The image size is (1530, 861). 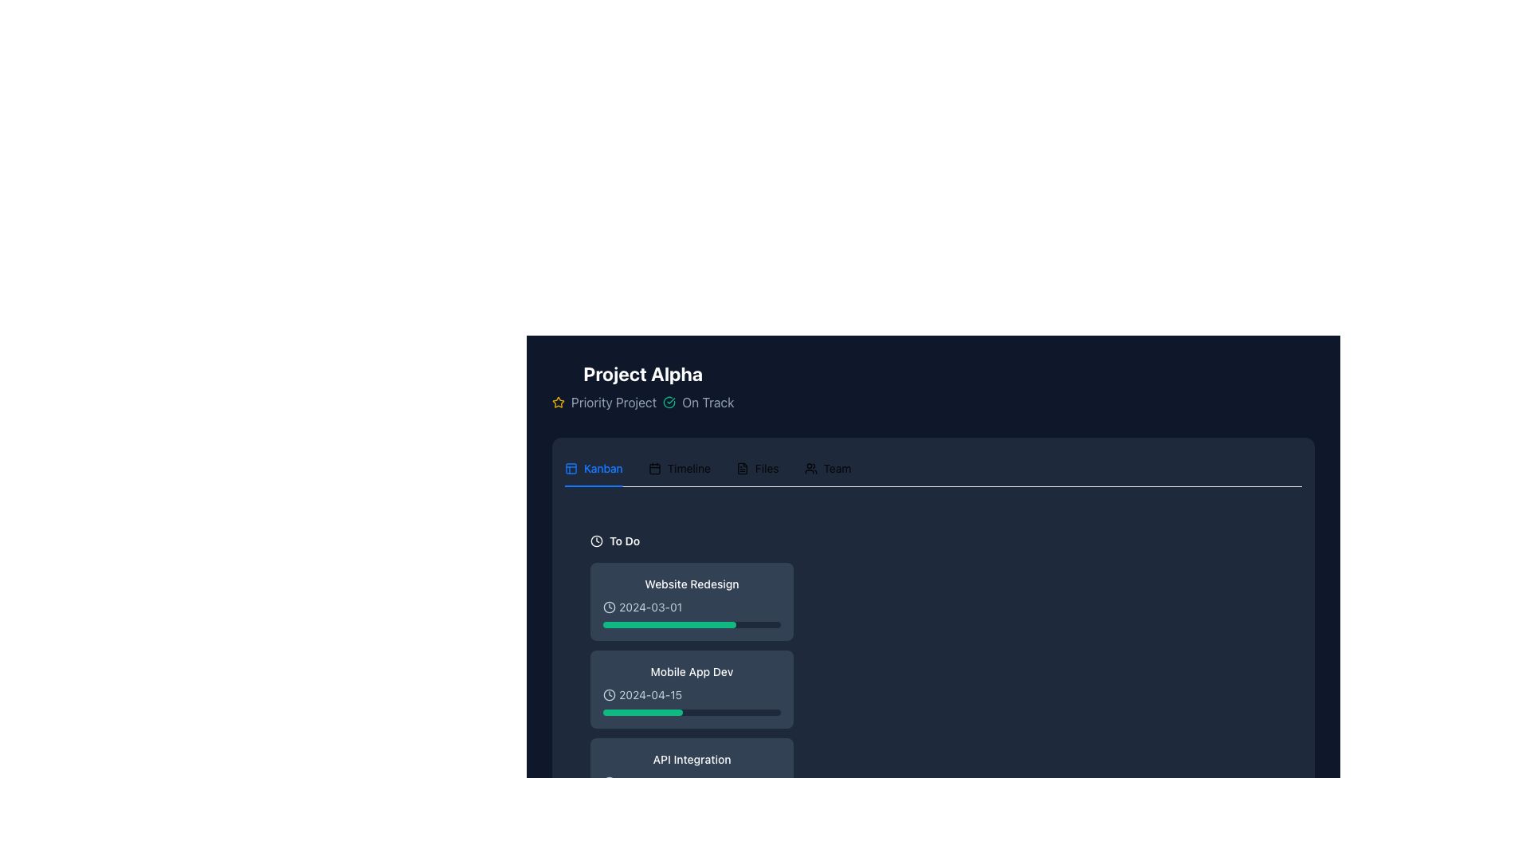 I want to click on the status represented by the circular Indicator Icon with a light green outline and a checkmark, which signifies 'success' or 'confirmation', so click(x=669, y=402).